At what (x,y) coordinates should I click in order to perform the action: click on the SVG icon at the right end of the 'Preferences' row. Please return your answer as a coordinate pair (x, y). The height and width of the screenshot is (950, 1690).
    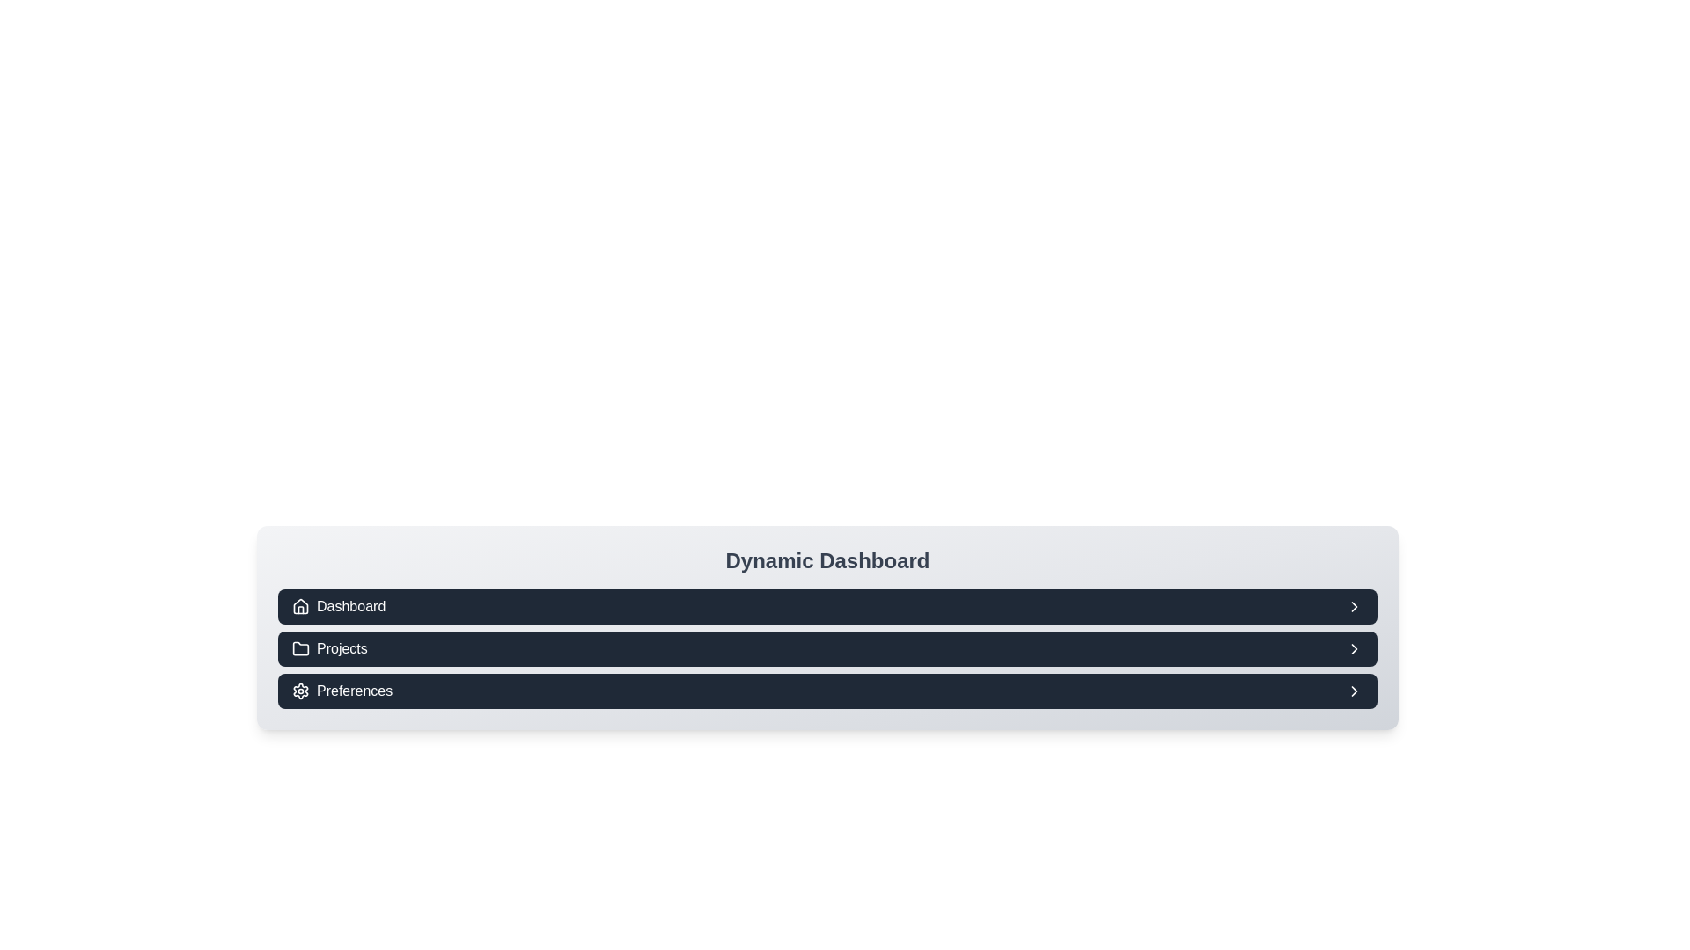
    Looking at the image, I should click on (1354, 691).